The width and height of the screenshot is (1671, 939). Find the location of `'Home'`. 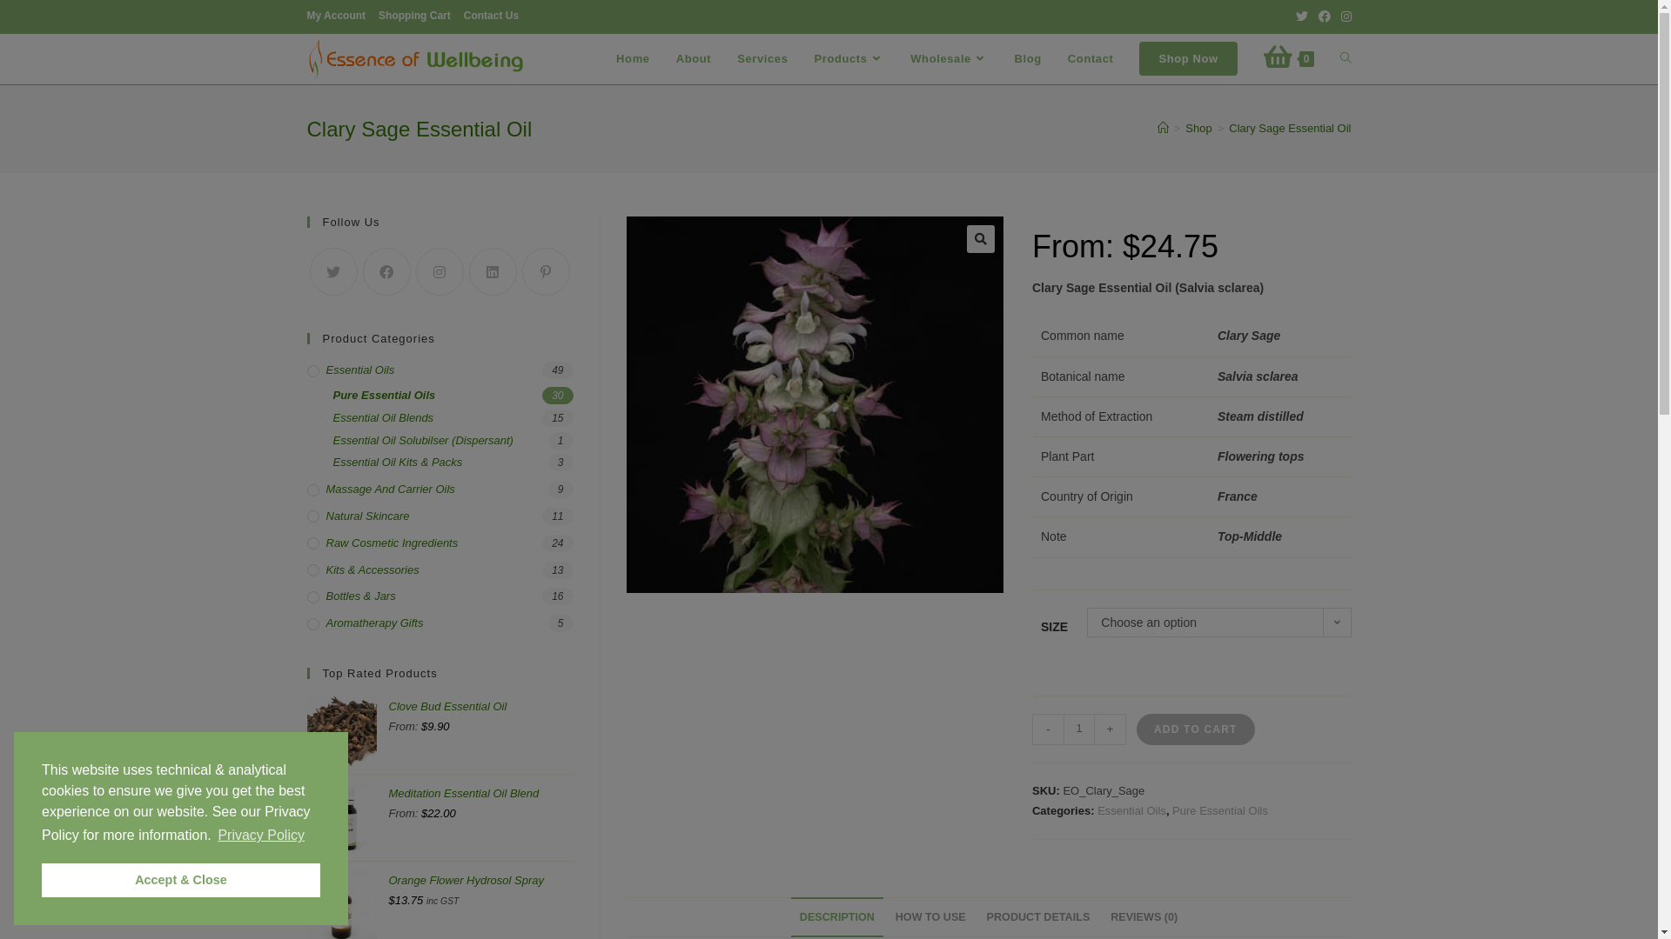

'Home' is located at coordinates (632, 58).